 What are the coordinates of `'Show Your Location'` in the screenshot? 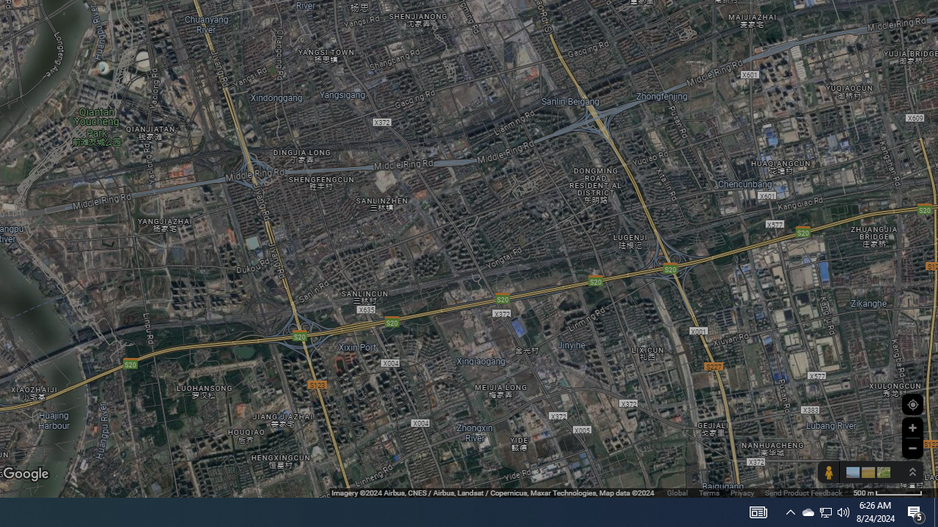 It's located at (912, 404).